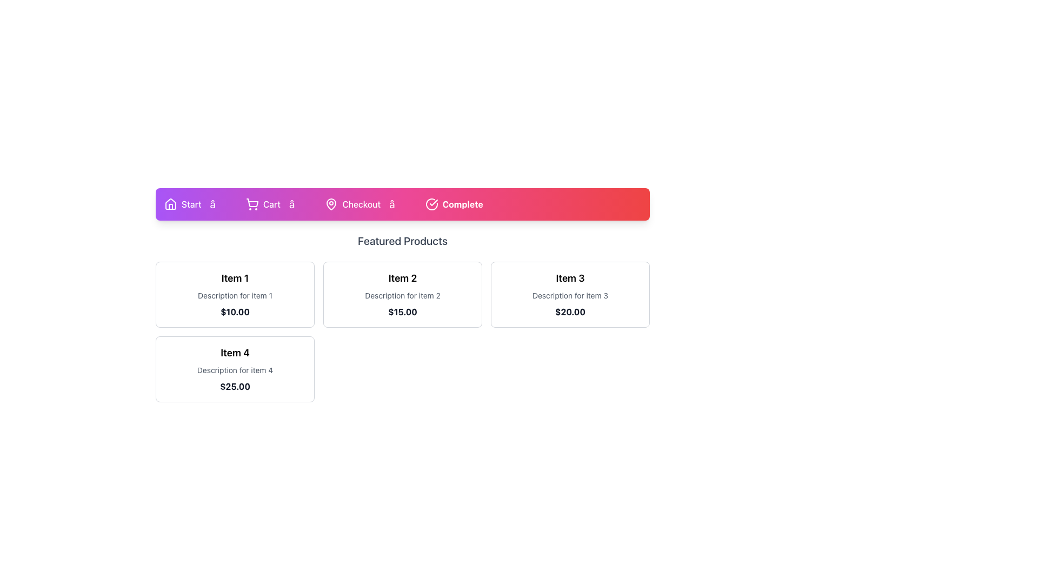  What do you see at coordinates (331, 204) in the screenshot?
I see `the map pin icon located in the navigation bar to the left of the 'Checkout' text` at bounding box center [331, 204].